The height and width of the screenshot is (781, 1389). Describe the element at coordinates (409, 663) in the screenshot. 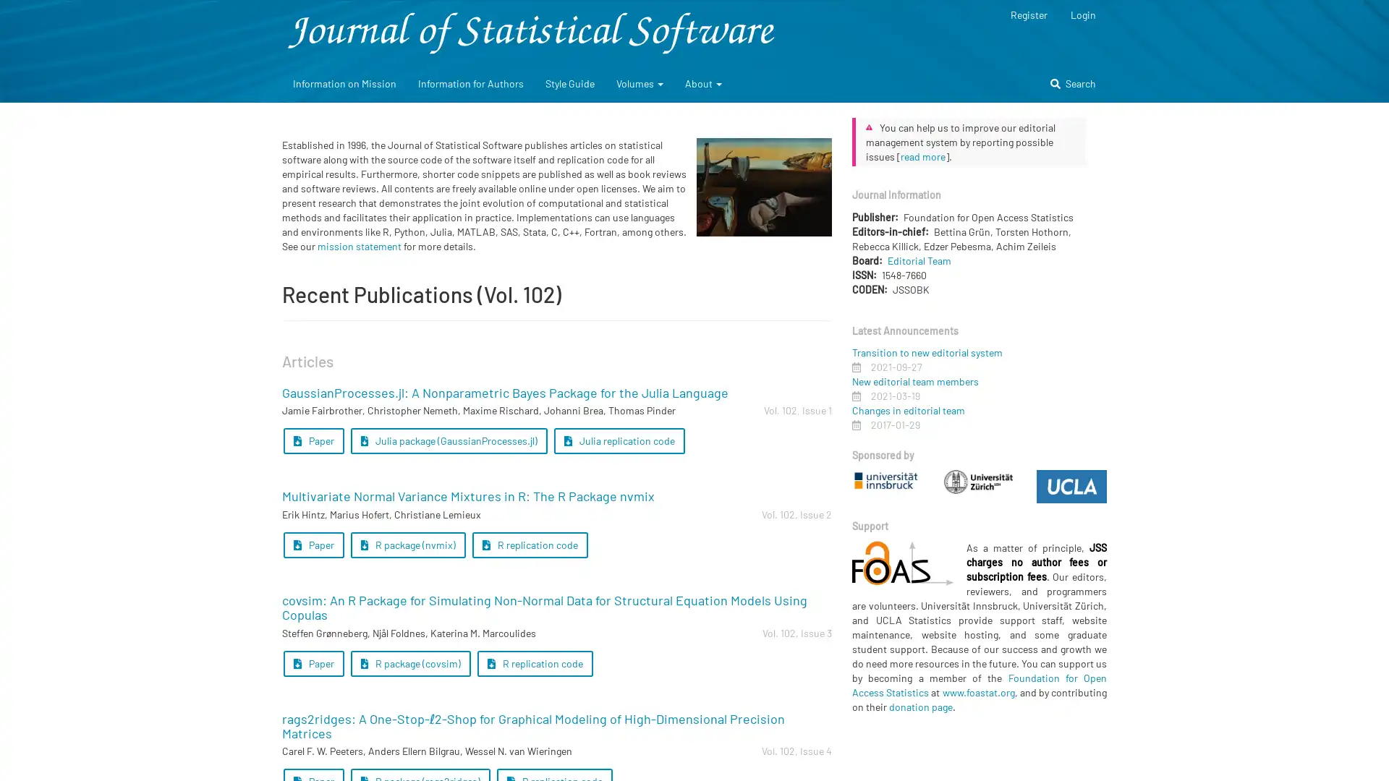

I see `R package (covsim)` at that location.